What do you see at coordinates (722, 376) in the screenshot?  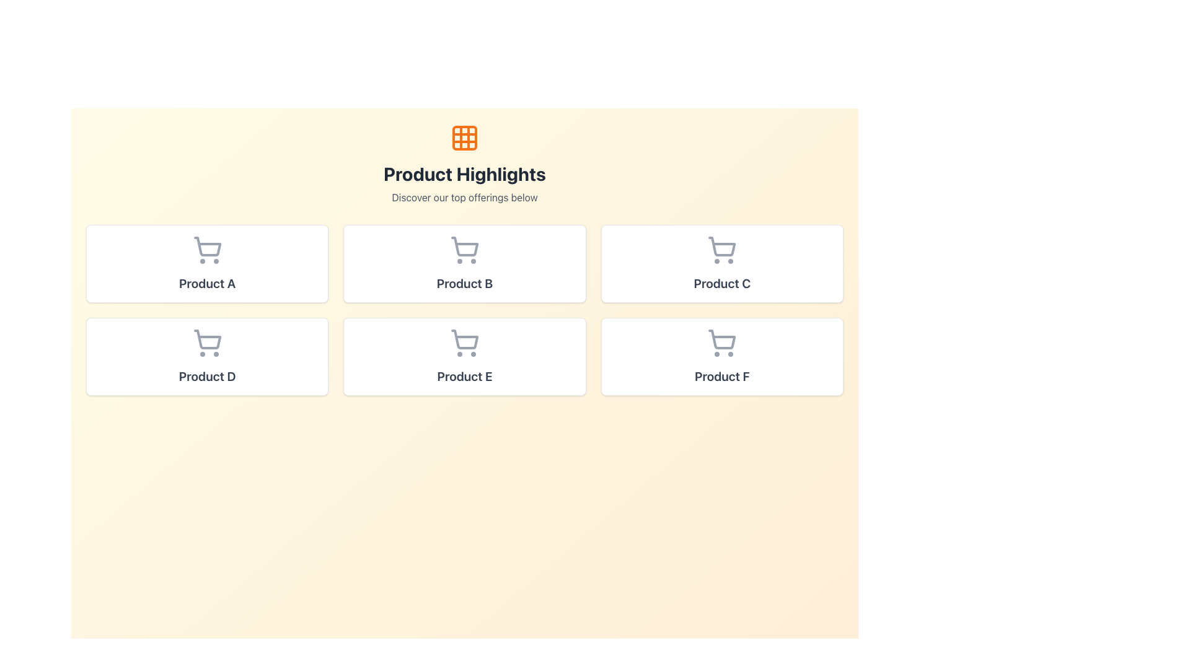 I see `the static text label that describes 'Product F'` at bounding box center [722, 376].